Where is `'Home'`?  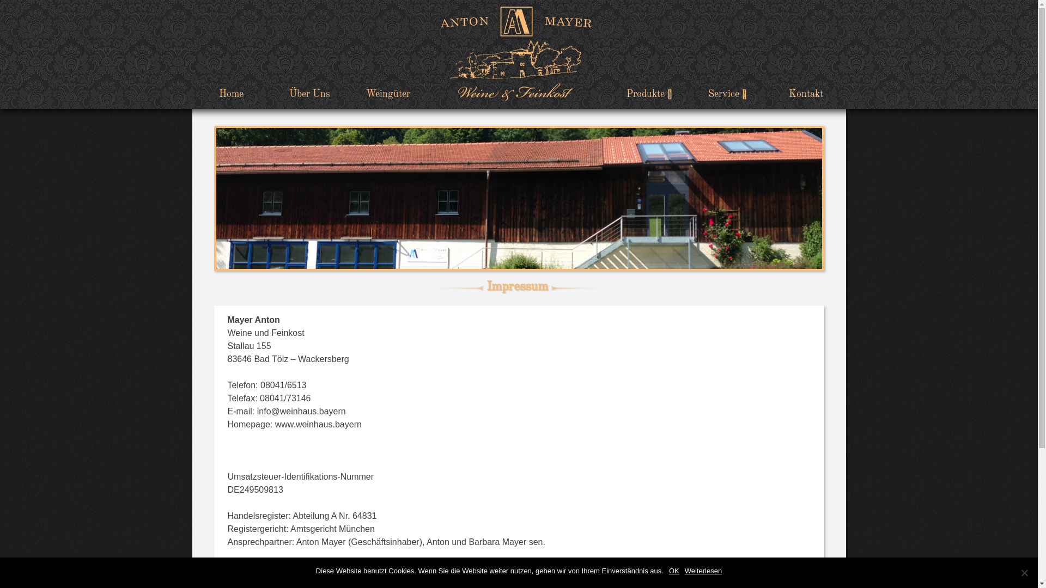 'Home' is located at coordinates (230, 94).